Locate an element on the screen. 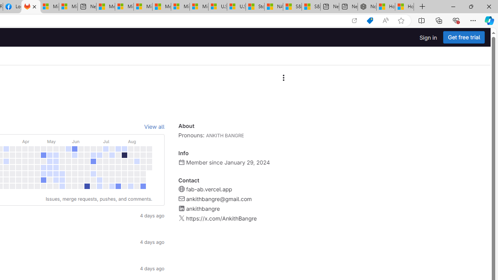 This screenshot has width=498, height=280. 'AutomationID: dropdown-toggle-btn-16' is located at coordinates (283, 78).